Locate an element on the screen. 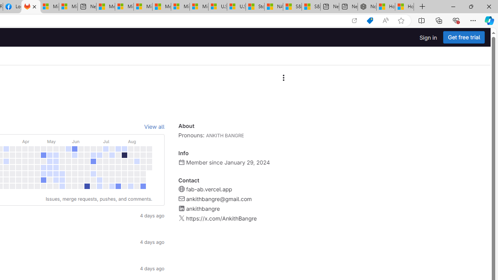 This screenshot has width=498, height=280. 'AutomationID: dropdown-toggle-btn-16' is located at coordinates (283, 78).